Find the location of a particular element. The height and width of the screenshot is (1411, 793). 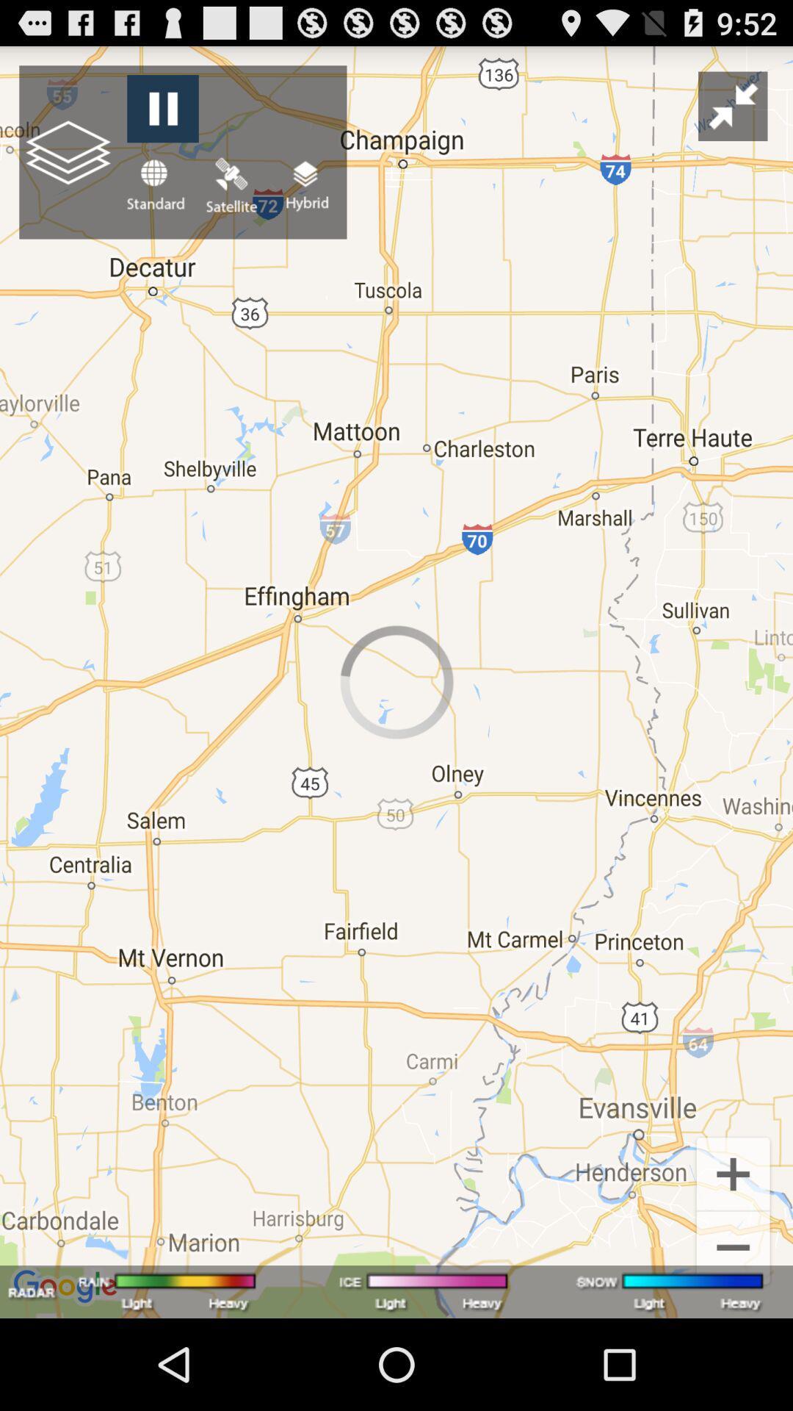

the globe icon is located at coordinates (155, 197).